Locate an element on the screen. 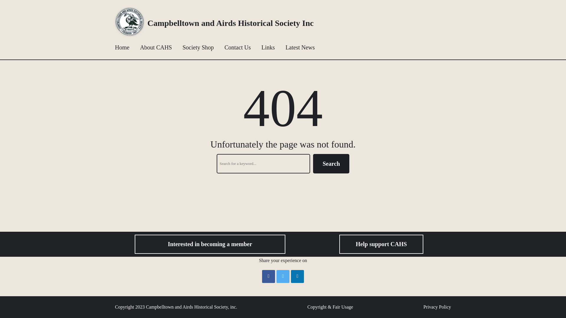  'Help support CAHS' is located at coordinates (381, 244).